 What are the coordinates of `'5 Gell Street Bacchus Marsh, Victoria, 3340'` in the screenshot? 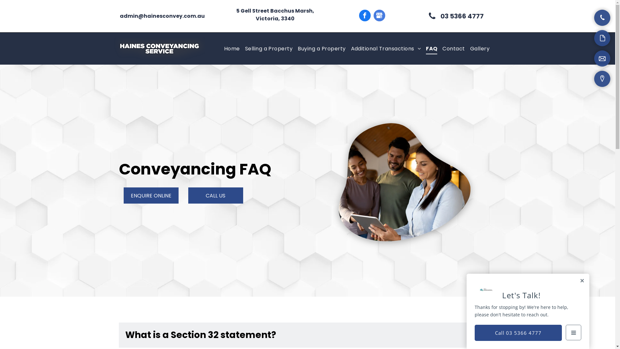 It's located at (236, 15).